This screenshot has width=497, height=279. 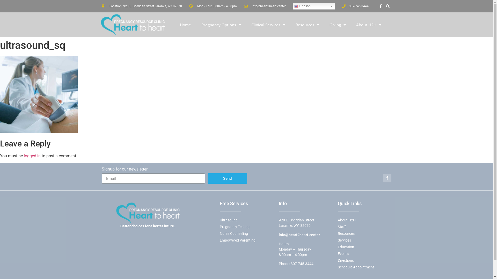 I want to click on 'Directions', so click(x=364, y=260).